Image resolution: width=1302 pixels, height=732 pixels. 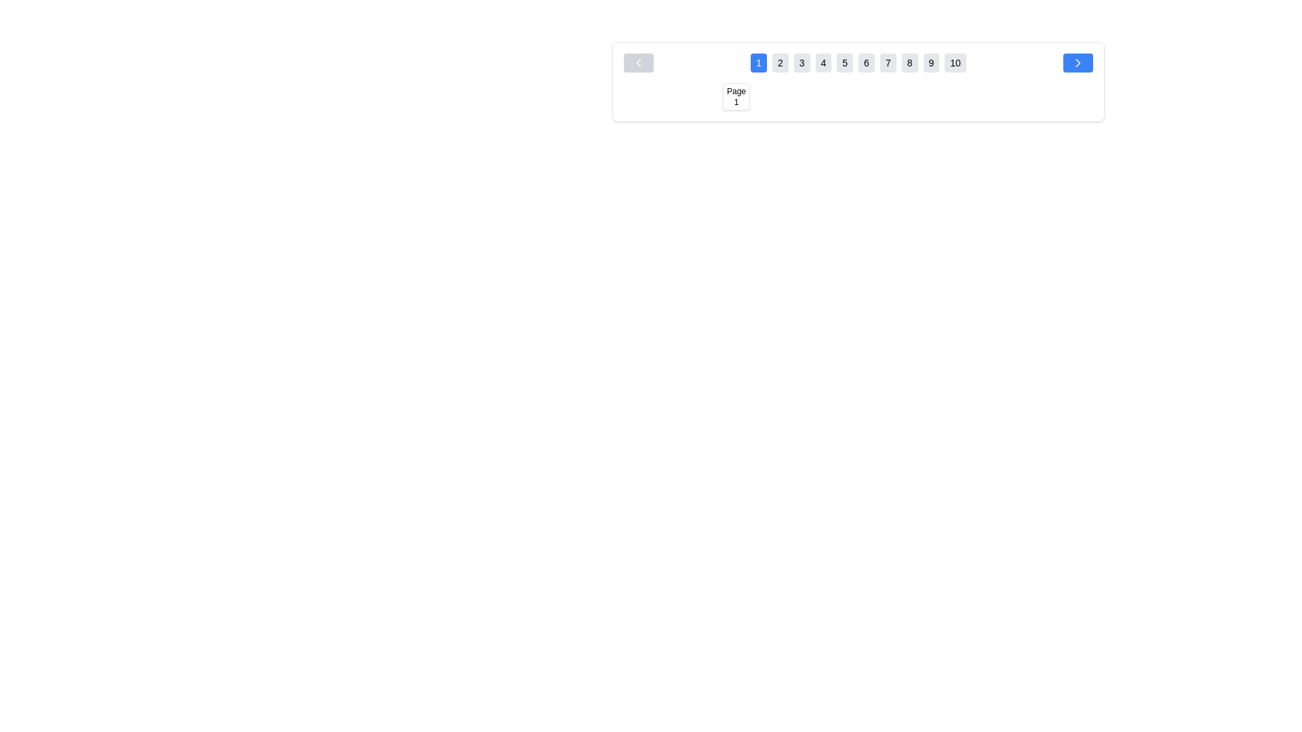 What do you see at coordinates (955, 62) in the screenshot?
I see `the pagination button labeled '10', which is a rounded rectangle with a light gray background` at bounding box center [955, 62].